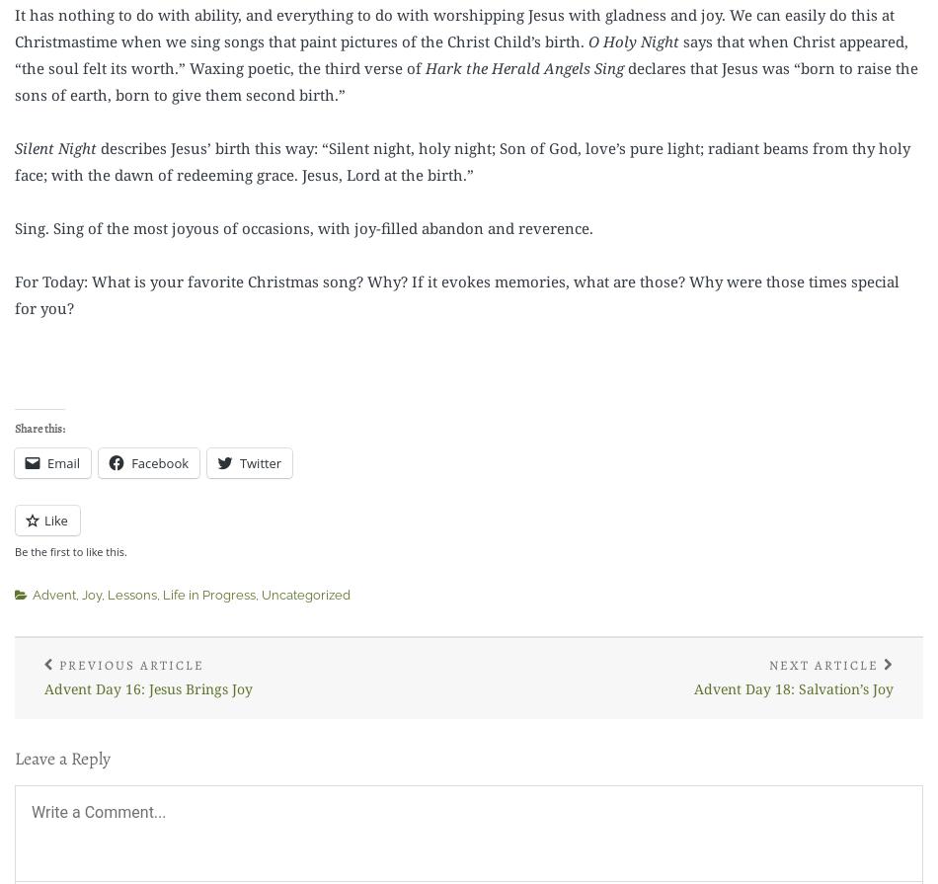 Image resolution: width=938 pixels, height=884 pixels. Describe the element at coordinates (15, 80) in the screenshot. I see `'declares that Jesus was “born to raise the sons of earth, born to give them second birth.”'` at that location.